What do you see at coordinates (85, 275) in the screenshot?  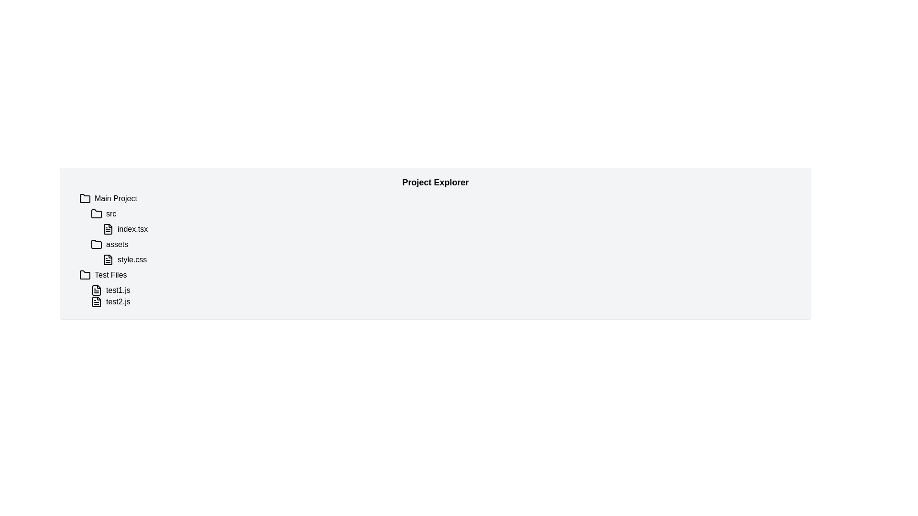 I see `the folder icon located on the left side of the label 'Test Files'` at bounding box center [85, 275].